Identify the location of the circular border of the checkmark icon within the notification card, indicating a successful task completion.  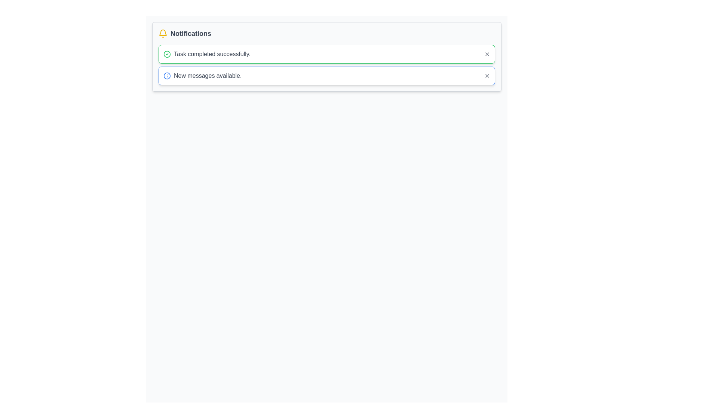
(166, 54).